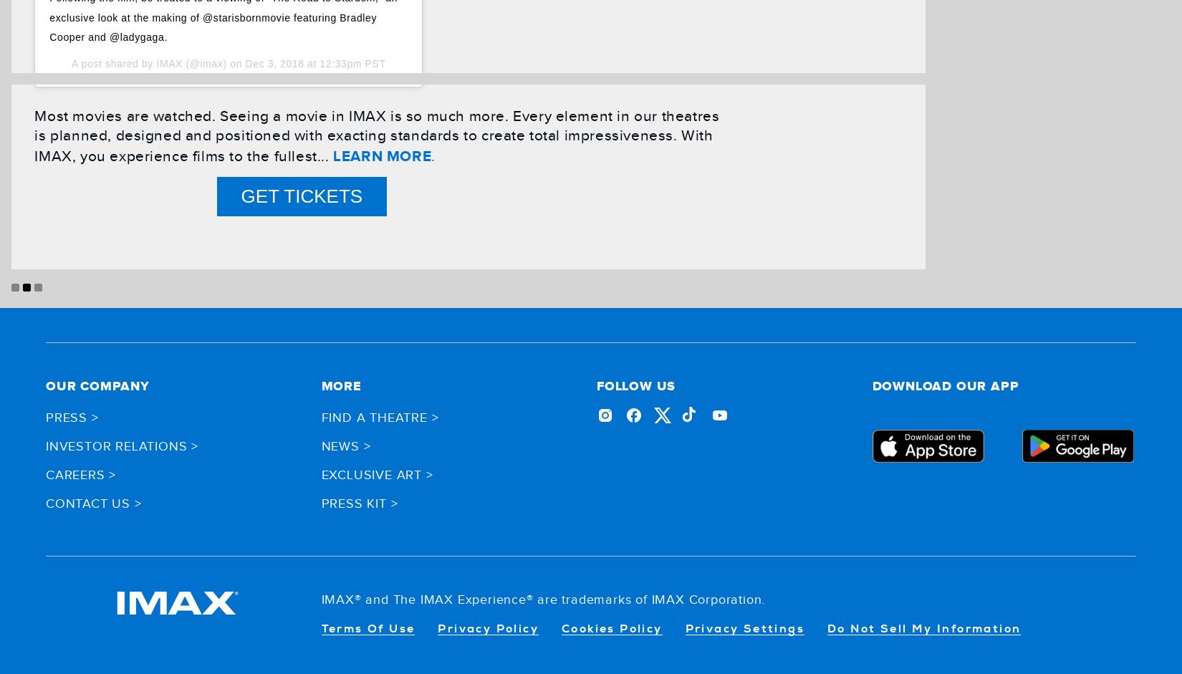 The height and width of the screenshot is (674, 1182). Describe the element at coordinates (744, 628) in the screenshot. I see `'Privacy Settings'` at that location.